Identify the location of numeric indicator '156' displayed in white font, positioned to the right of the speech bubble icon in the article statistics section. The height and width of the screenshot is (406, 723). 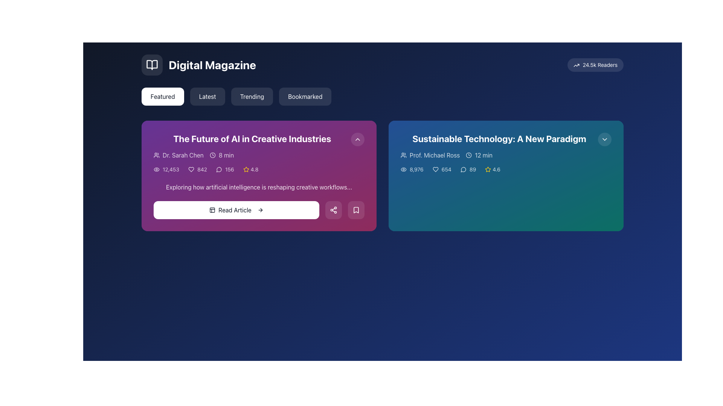
(224, 170).